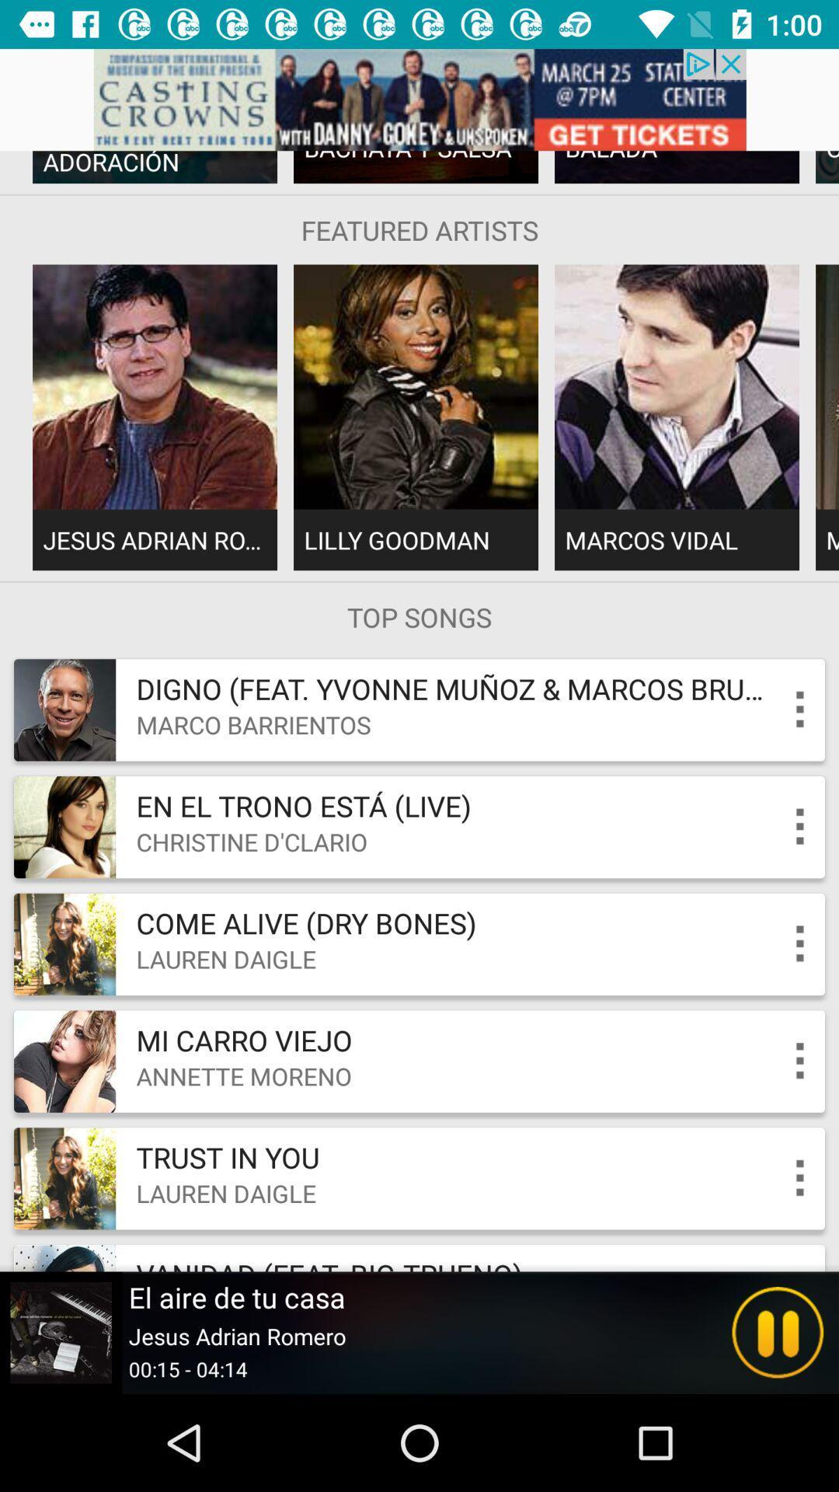 This screenshot has height=1492, width=839. Describe the element at coordinates (778, 1332) in the screenshot. I see `the pause icon` at that location.